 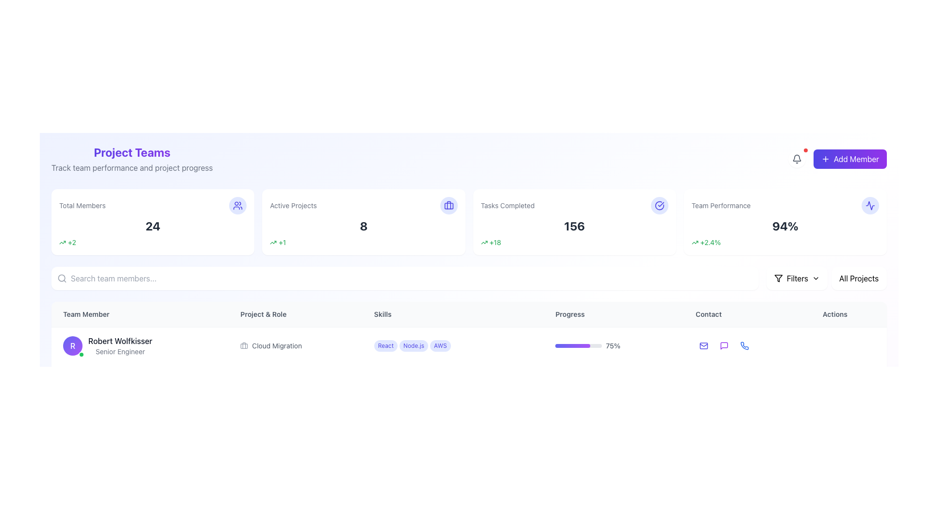 What do you see at coordinates (797, 158) in the screenshot?
I see `the notification bell icon, which is a circular button with a white background and a gray bell icon` at bounding box center [797, 158].